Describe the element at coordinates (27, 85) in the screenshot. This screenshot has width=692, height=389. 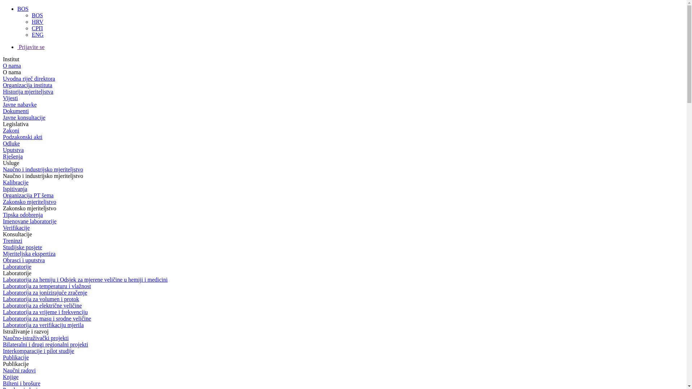
I see `'Organizacija instituta'` at that location.